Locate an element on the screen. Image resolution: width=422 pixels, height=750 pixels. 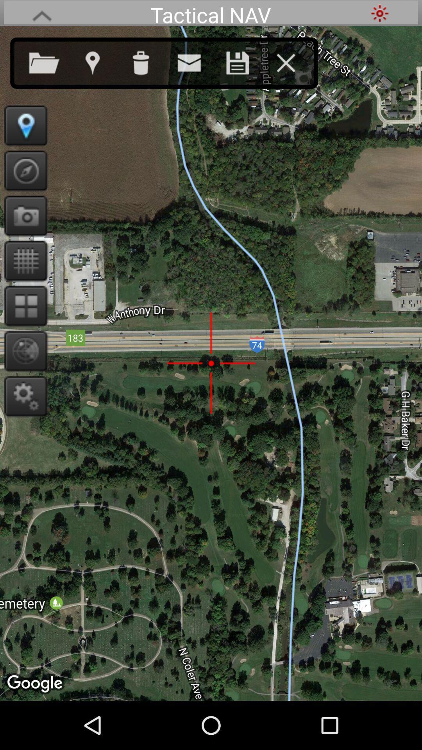
it points the departure location is located at coordinates (379, 13).